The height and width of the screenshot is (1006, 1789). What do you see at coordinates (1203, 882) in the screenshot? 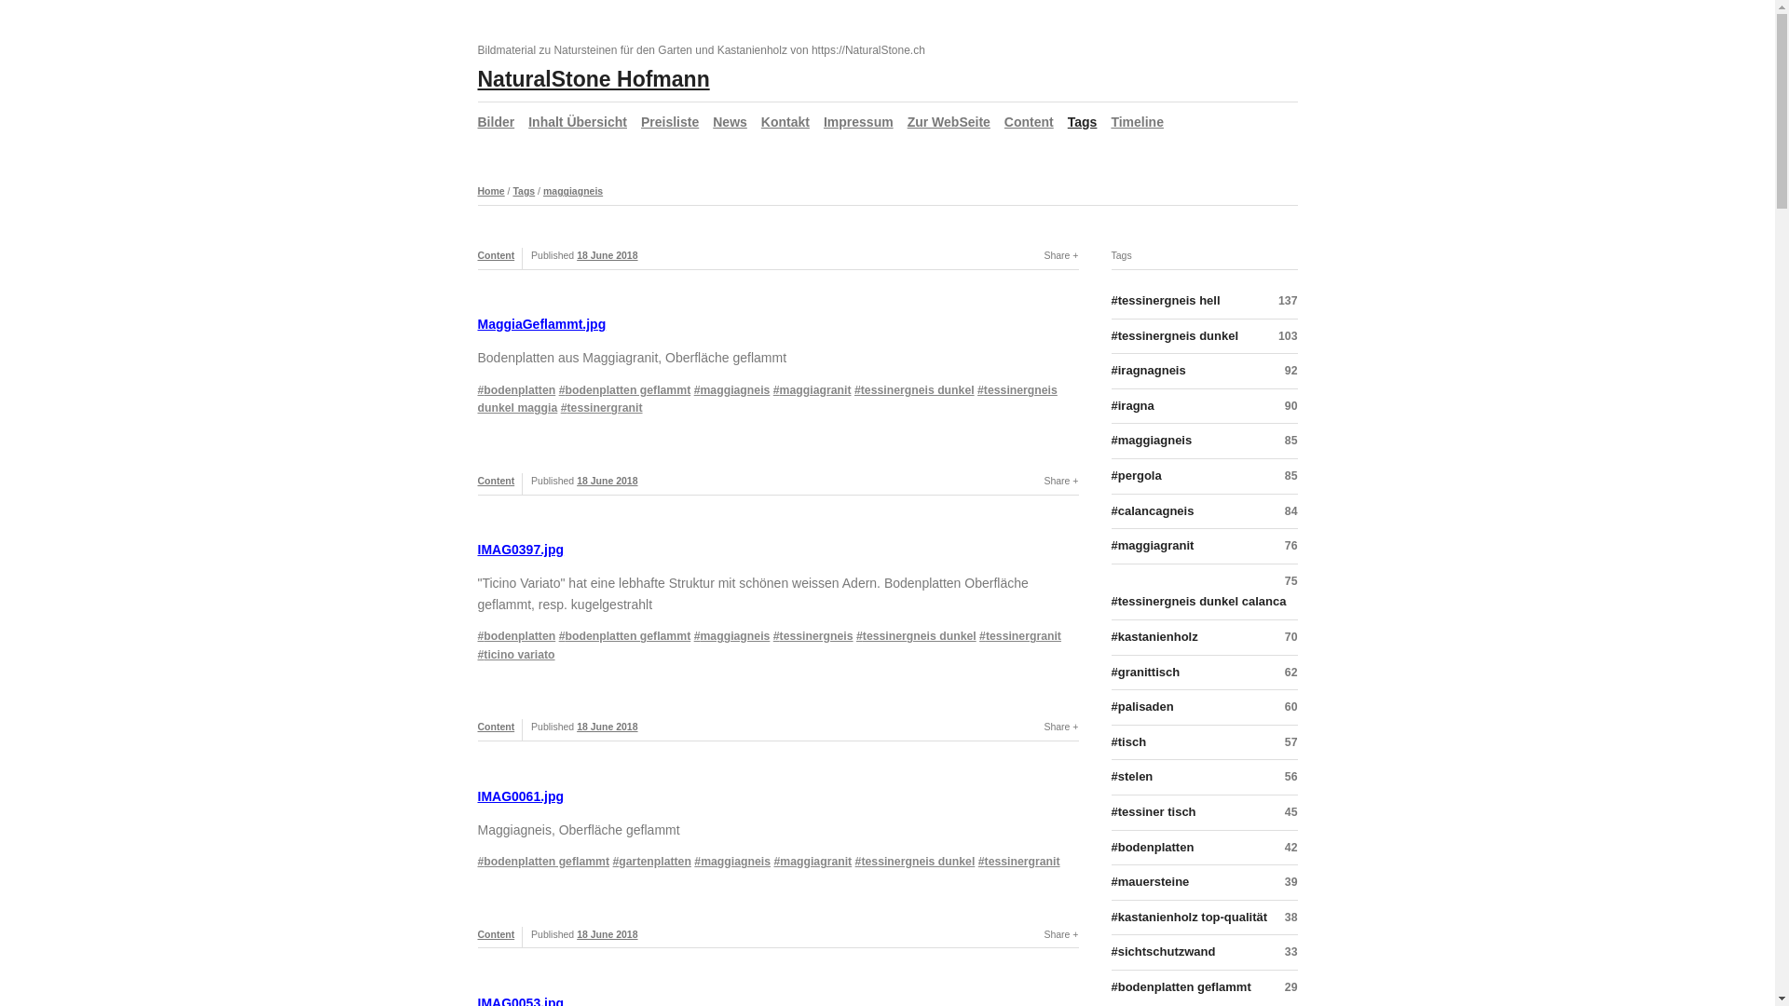
I see `'39` at bounding box center [1203, 882].